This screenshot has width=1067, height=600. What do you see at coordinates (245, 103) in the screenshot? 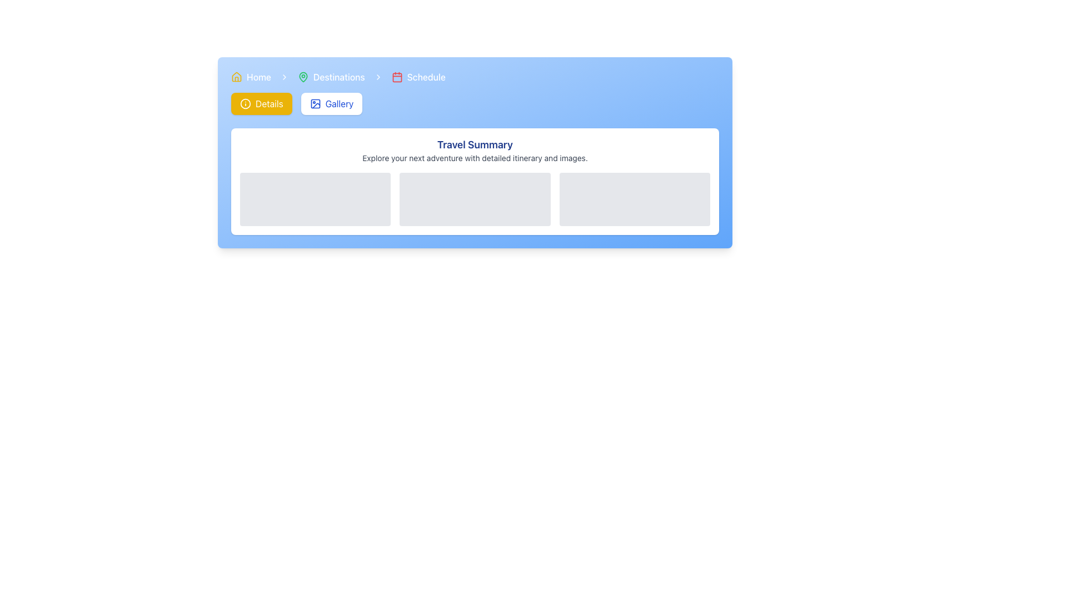
I see `the static state of the SVG Circle located within the 'Details' button at the upper left region of the interface` at bounding box center [245, 103].